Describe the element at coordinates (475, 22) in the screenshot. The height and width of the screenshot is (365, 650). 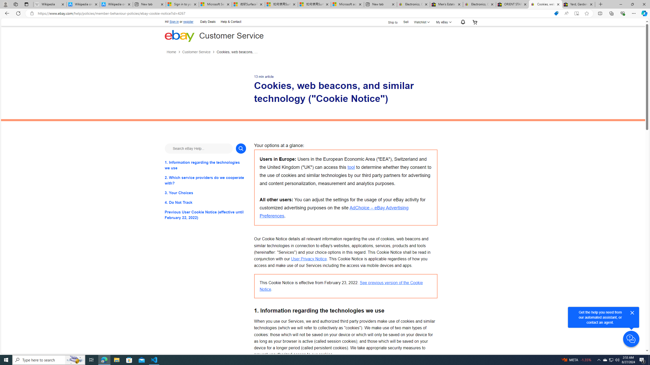
I see `'Expand Cart'` at that location.